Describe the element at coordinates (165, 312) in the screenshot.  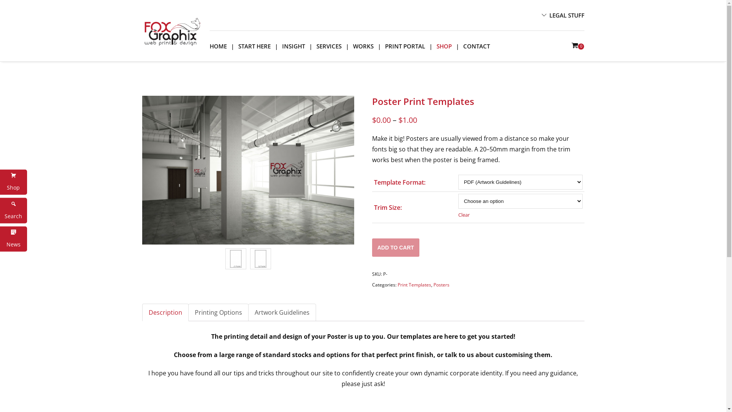
I see `'Description'` at that location.